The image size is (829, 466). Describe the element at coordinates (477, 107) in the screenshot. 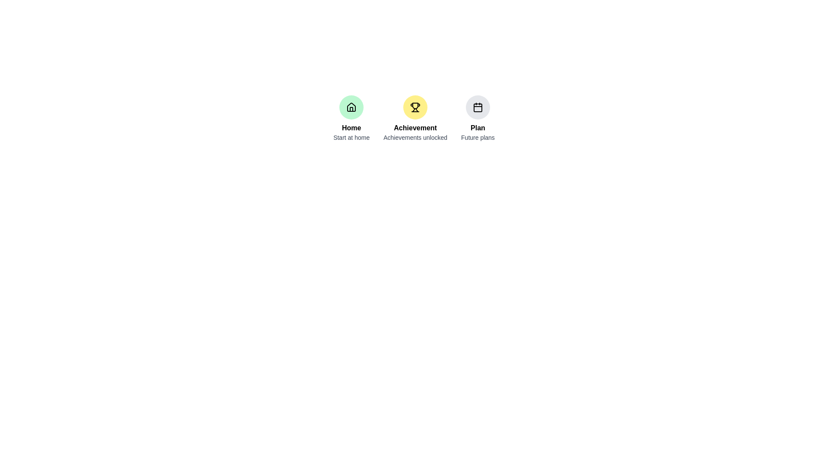

I see `the rectangular component with rounded corners inside the rightmost calendar-like icon labeled 'Plan'` at that location.